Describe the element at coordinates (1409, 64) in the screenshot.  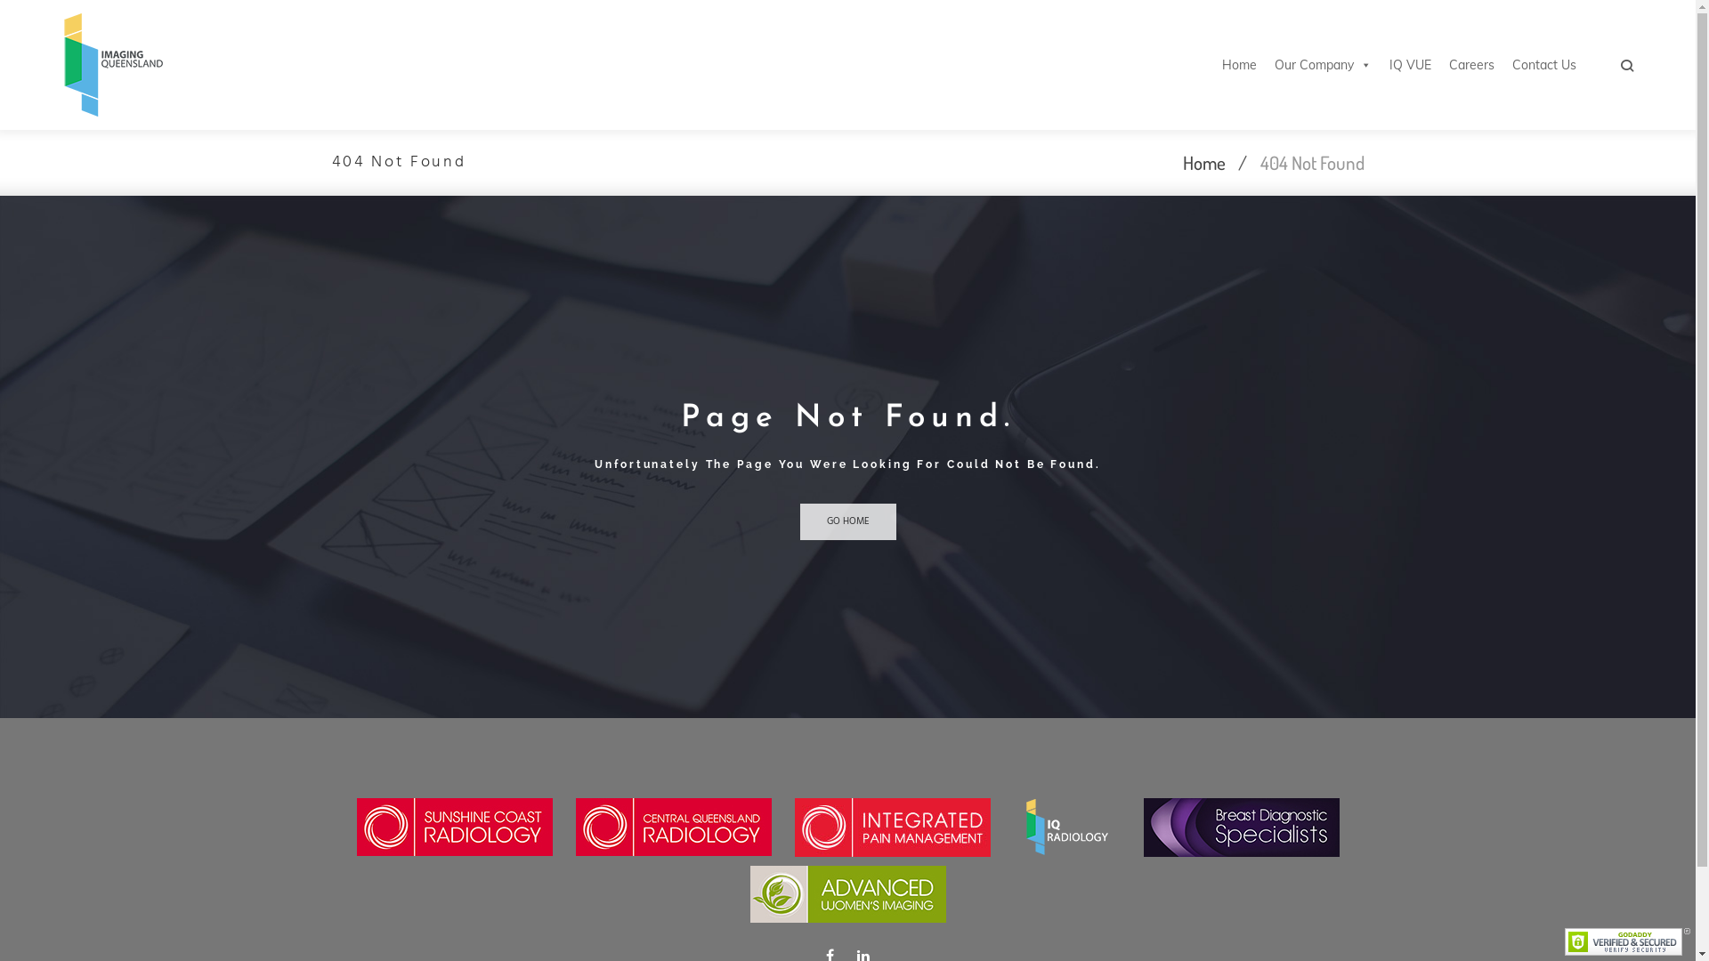
I see `'IQ VUE'` at that location.